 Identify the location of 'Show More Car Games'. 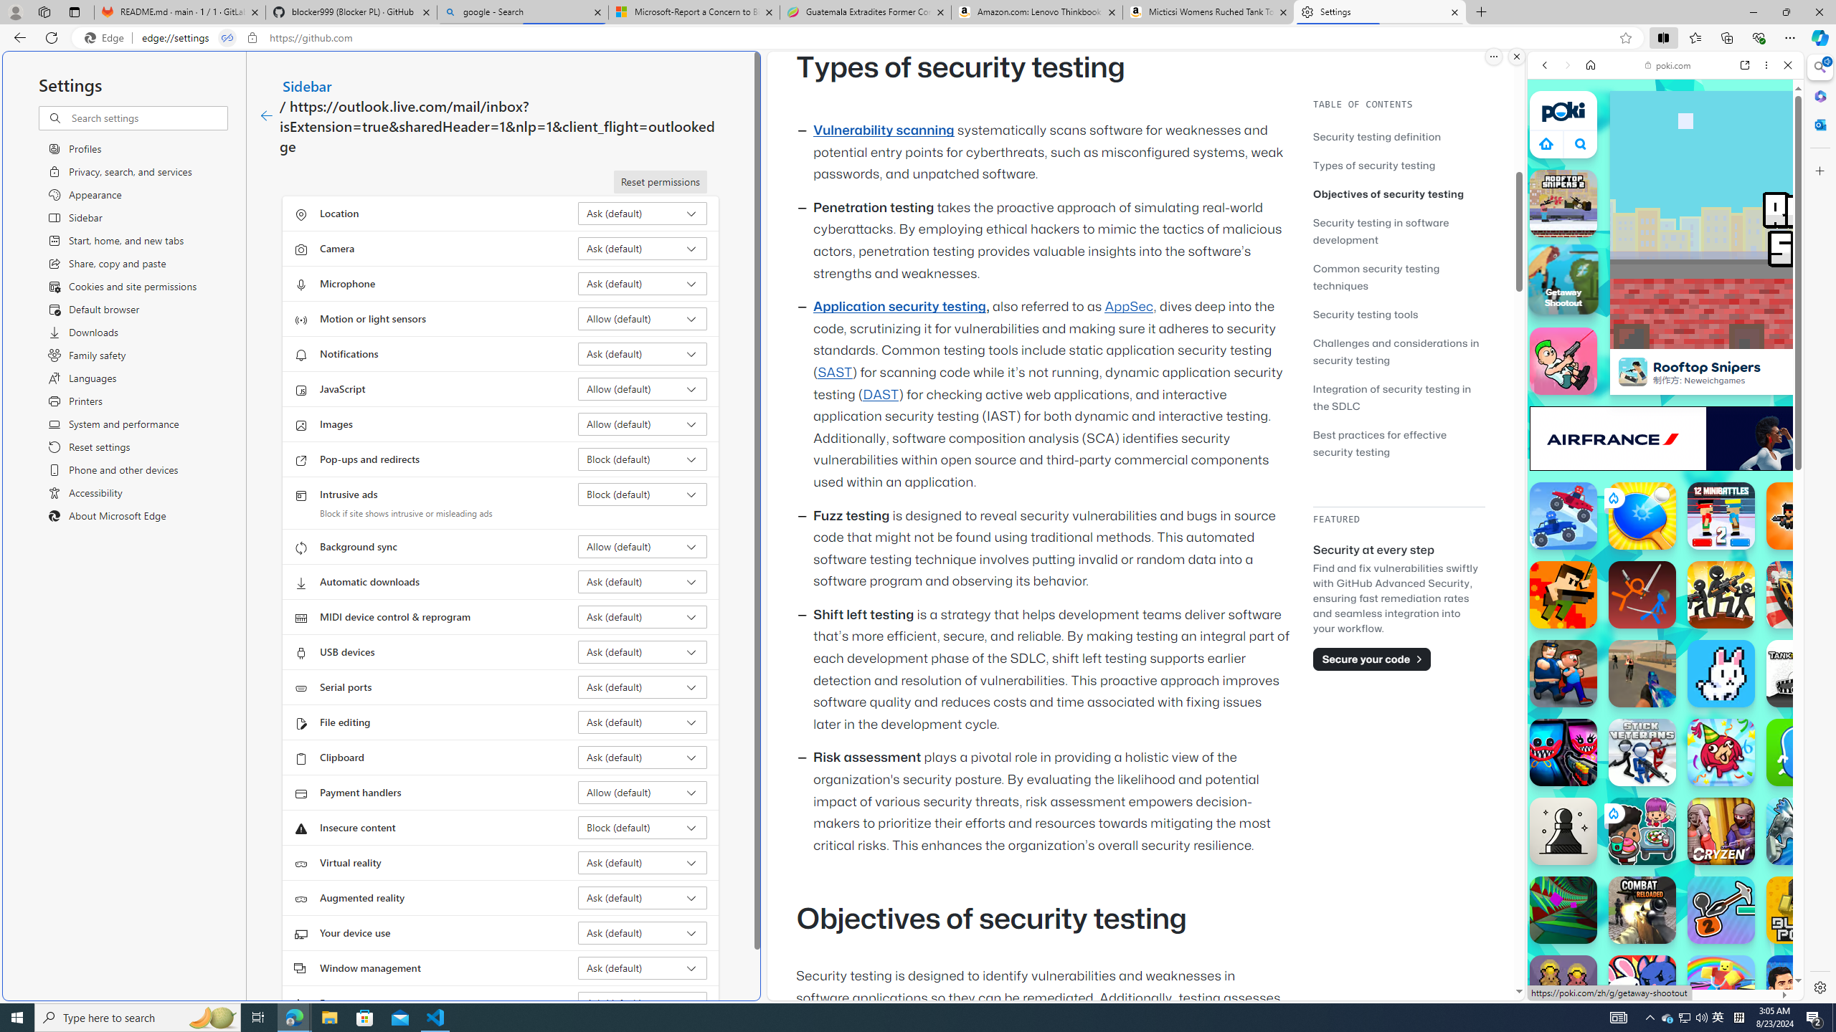
(1752, 338).